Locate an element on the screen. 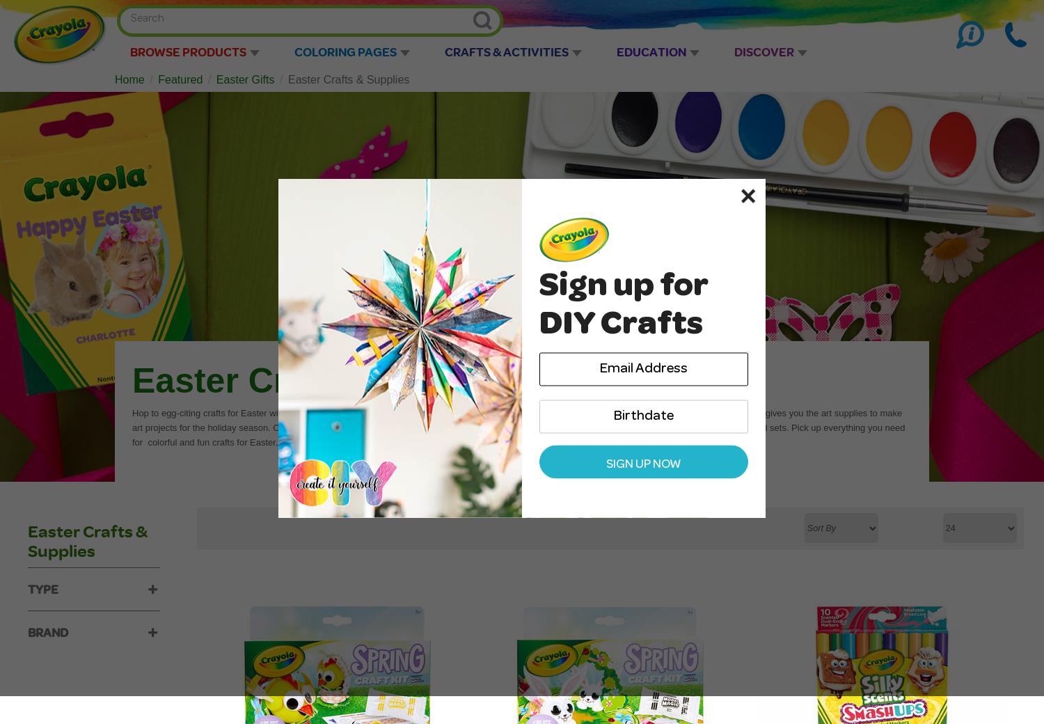  'Coloring Pages' is located at coordinates (345, 51).